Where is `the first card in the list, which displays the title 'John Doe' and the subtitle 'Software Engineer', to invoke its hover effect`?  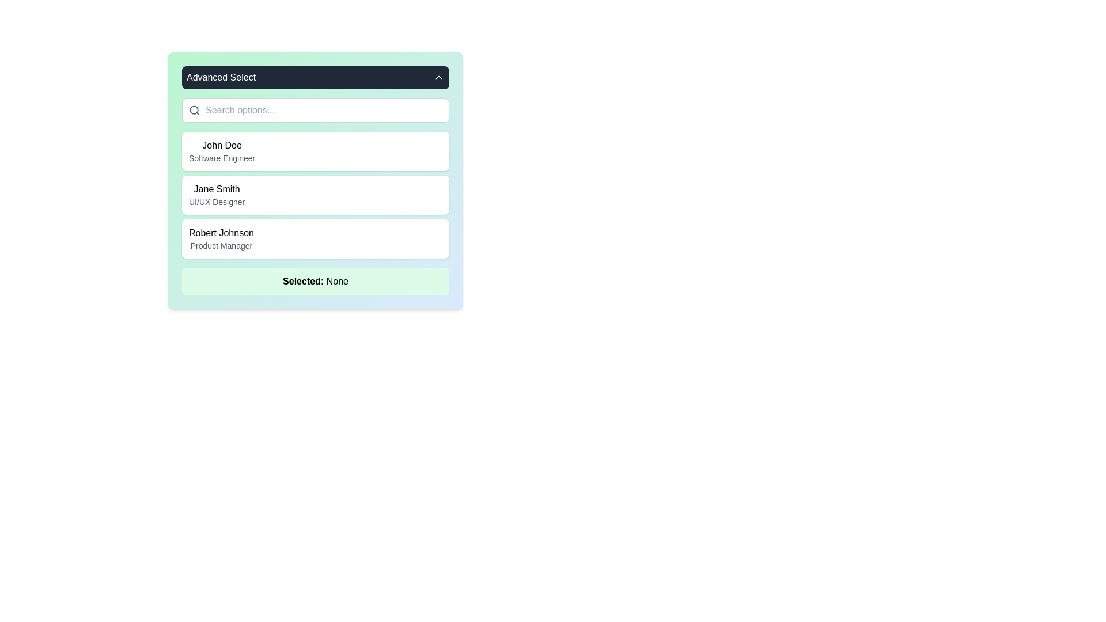 the first card in the list, which displays the title 'John Doe' and the subtitle 'Software Engineer', to invoke its hover effect is located at coordinates (315, 150).